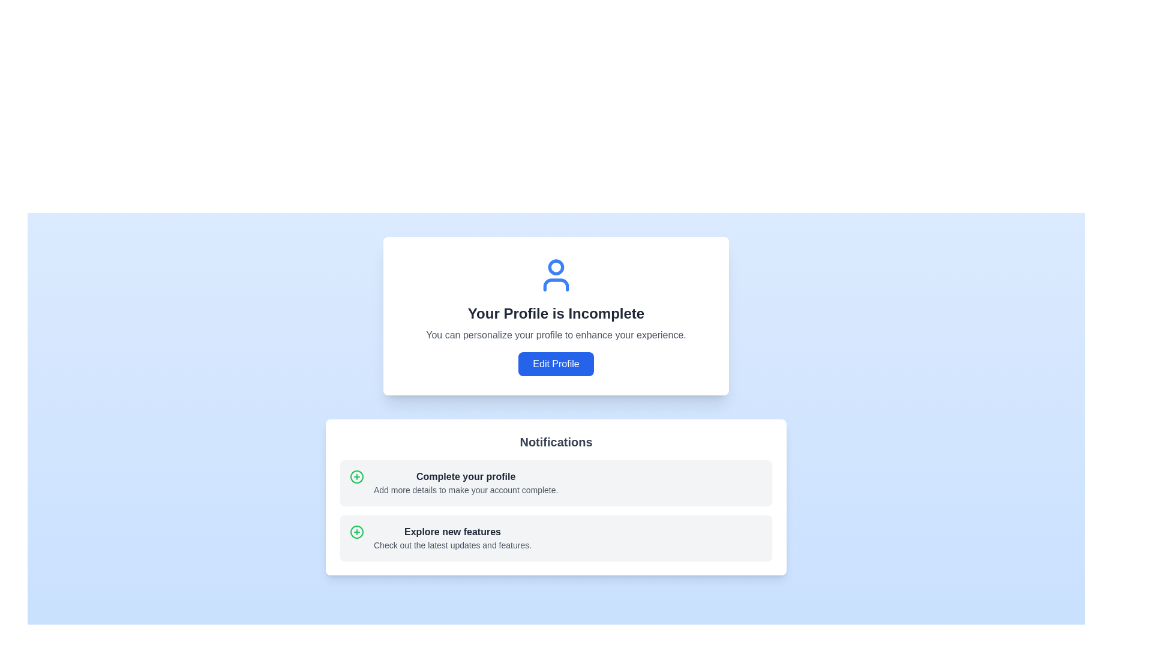 Image resolution: width=1152 pixels, height=648 pixels. I want to click on the text element that notifies the user about an incomplete profile status, located below a user icon and above the 'Edit Profile' button, so click(555, 313).